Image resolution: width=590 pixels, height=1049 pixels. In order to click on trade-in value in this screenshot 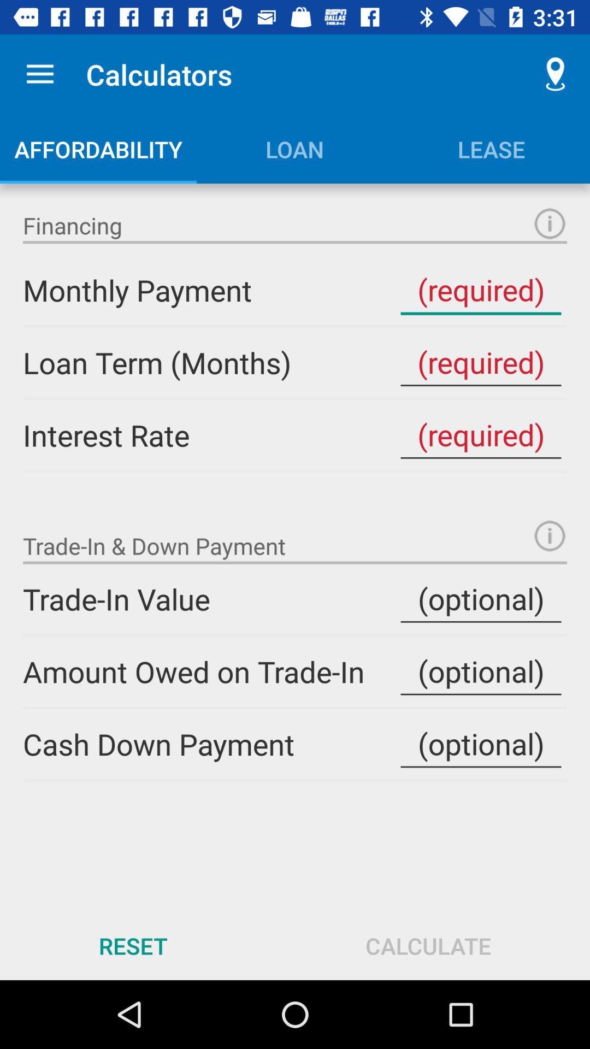, I will do `click(480, 598)`.